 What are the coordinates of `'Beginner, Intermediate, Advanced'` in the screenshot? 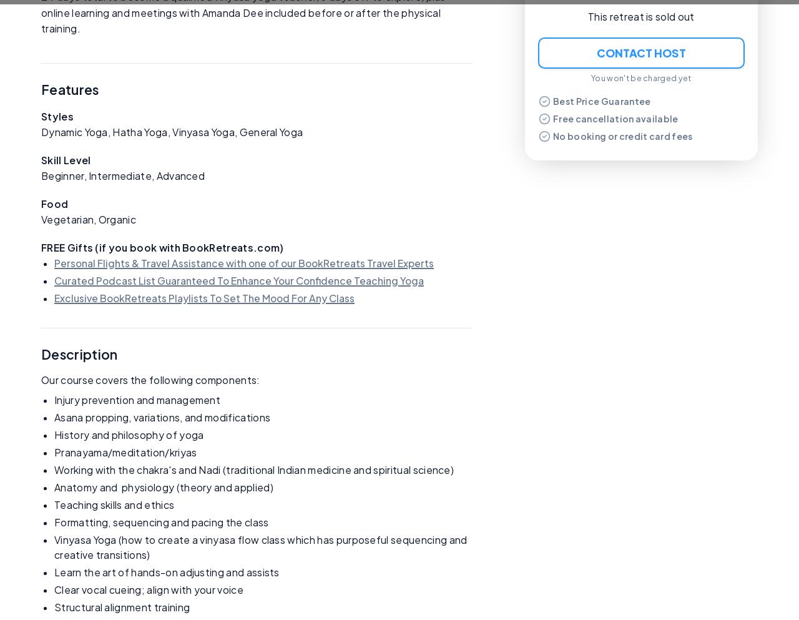 It's located at (41, 175).